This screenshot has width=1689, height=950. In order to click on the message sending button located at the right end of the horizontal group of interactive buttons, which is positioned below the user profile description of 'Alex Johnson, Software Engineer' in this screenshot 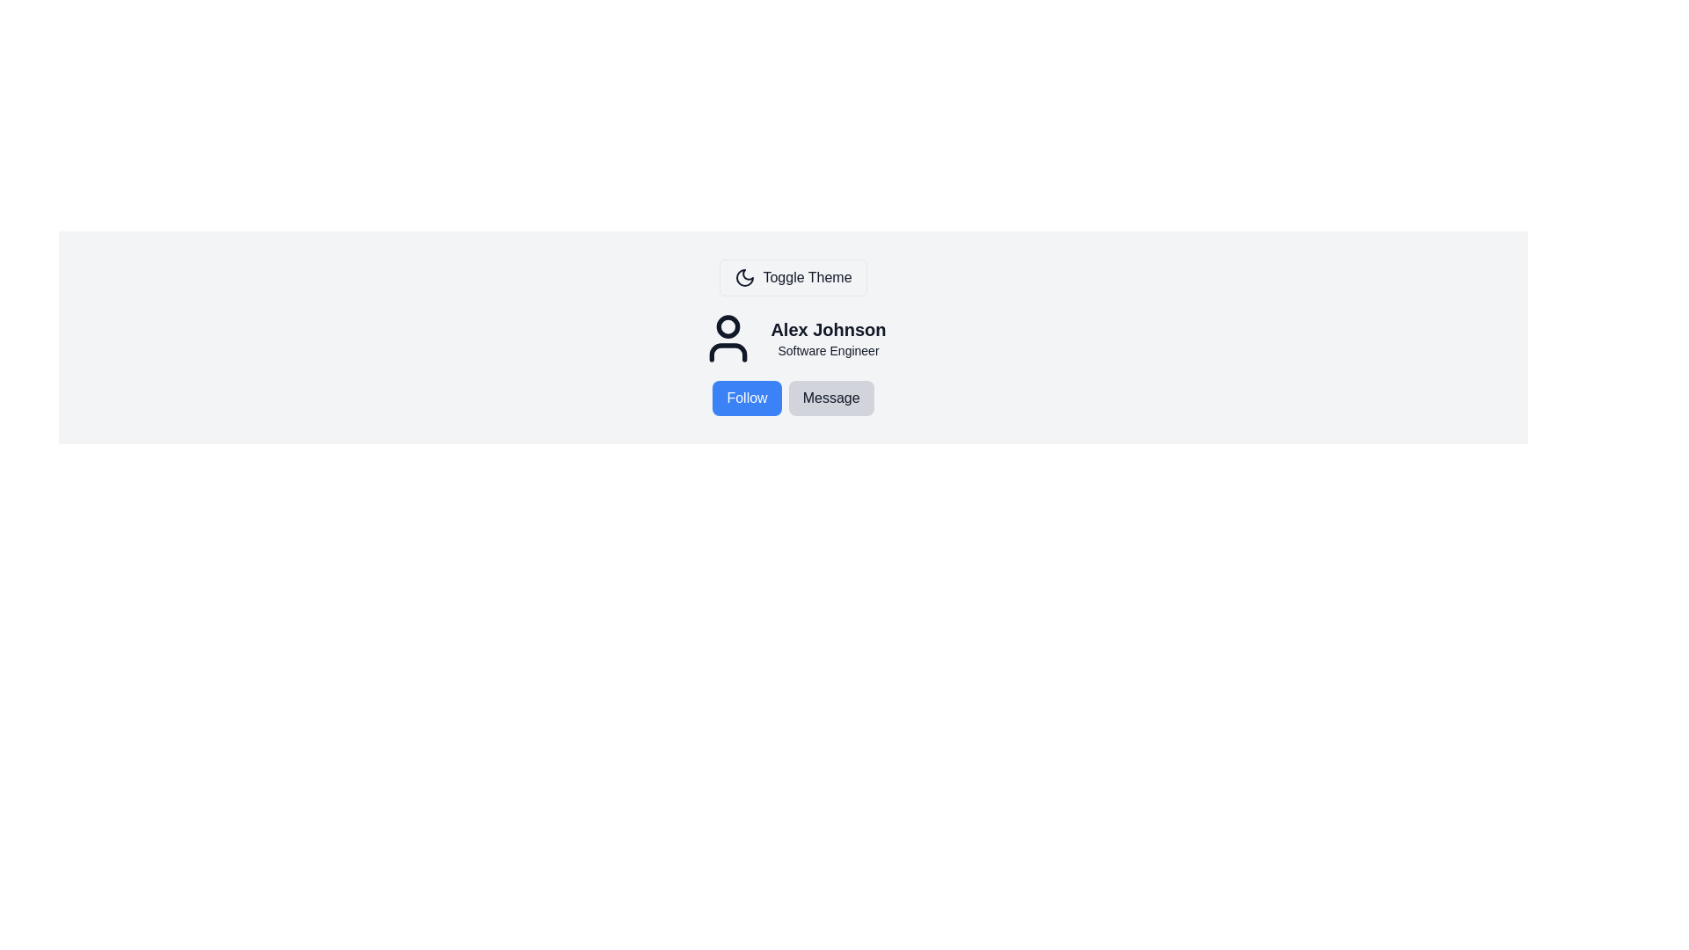, I will do `click(830, 398)`.